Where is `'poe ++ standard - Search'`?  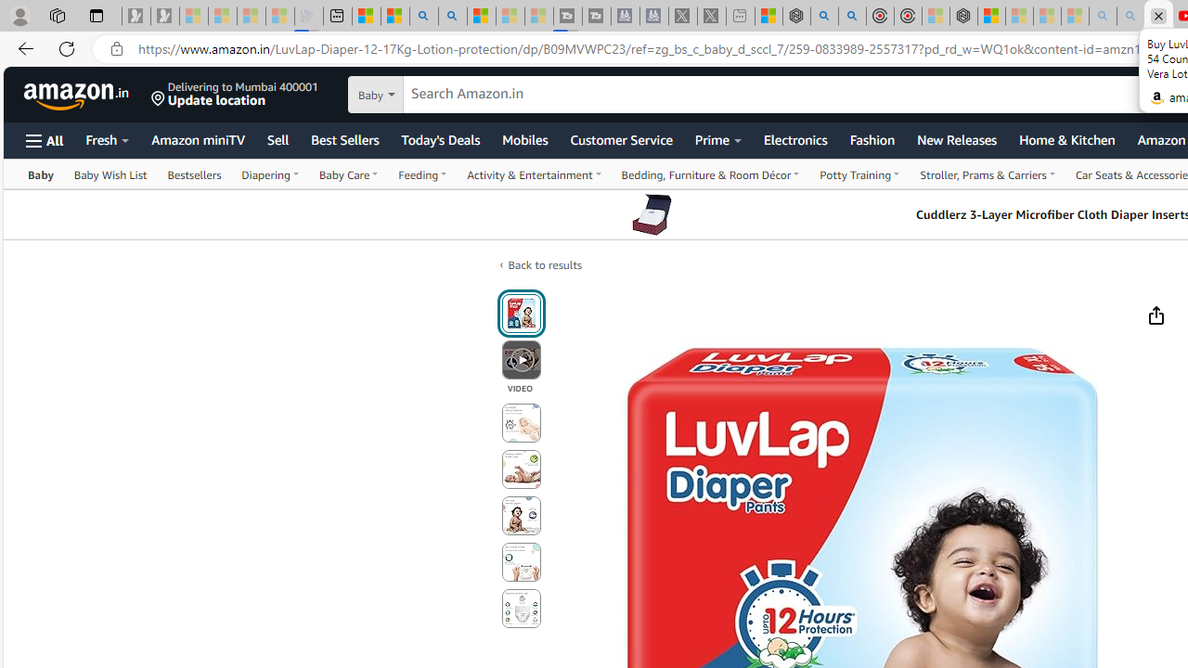
'poe ++ standard - Search' is located at coordinates (851, 16).